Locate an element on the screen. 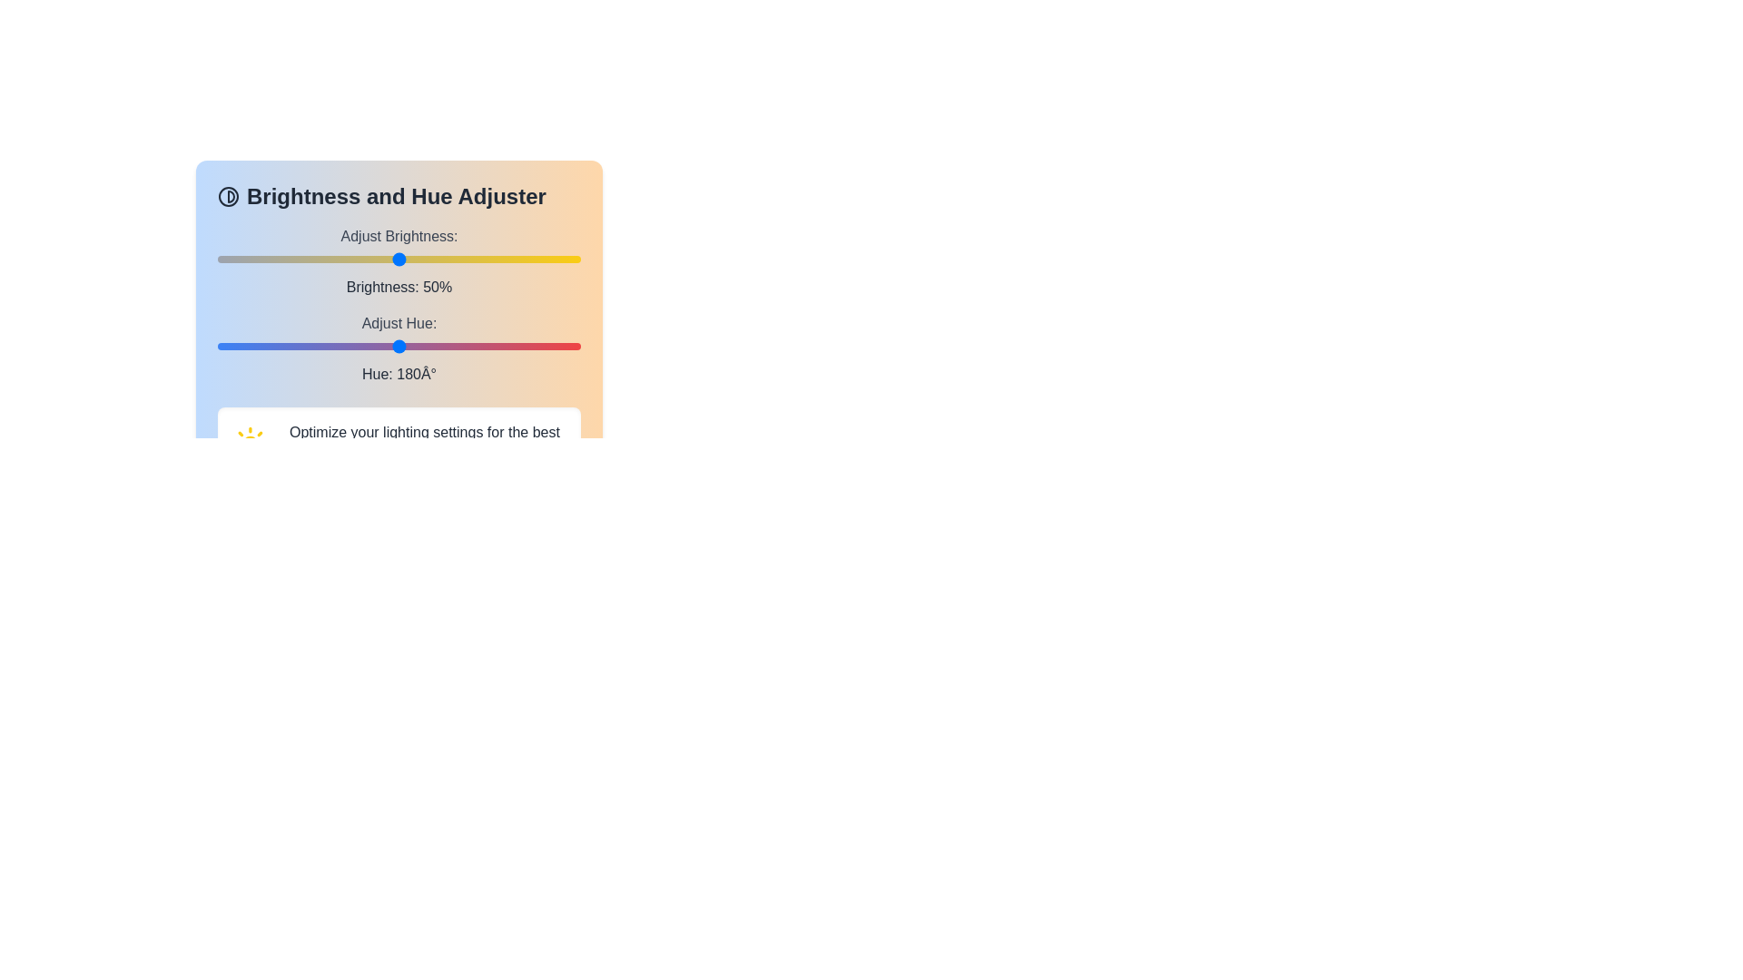 The width and height of the screenshot is (1743, 980). the hue to 74 degrees by moving the slider is located at coordinates (292, 346).